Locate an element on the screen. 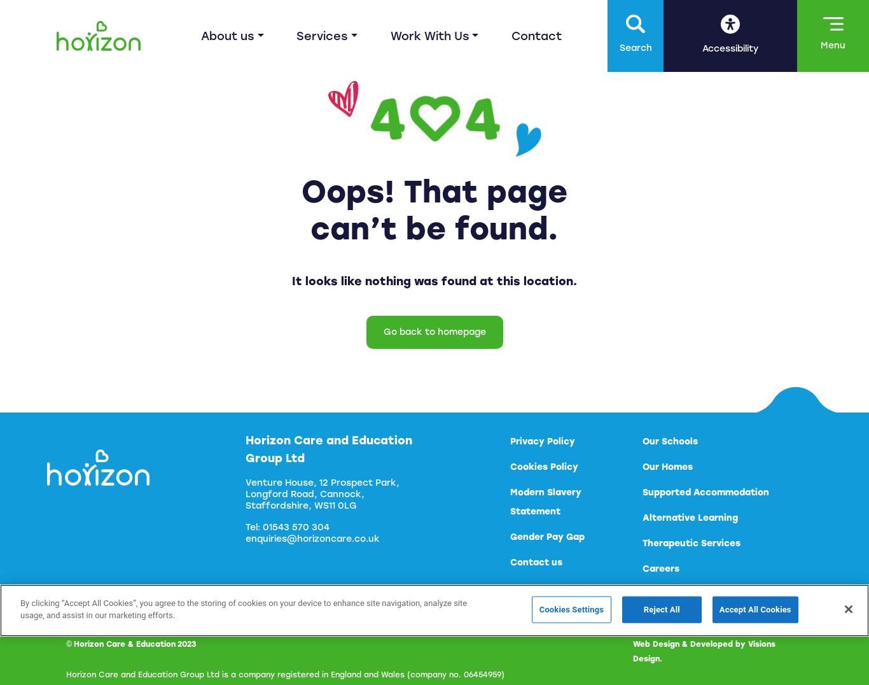 The height and width of the screenshot is (685, 869). 'Gender Pay Gap' is located at coordinates (546, 536).